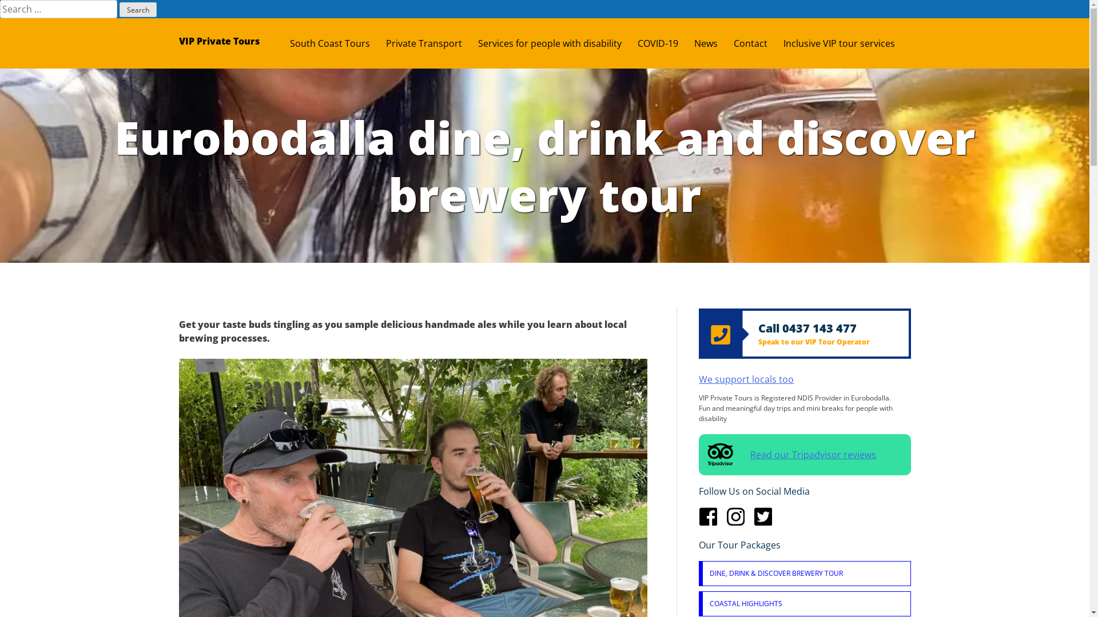  I want to click on 'Private Transport', so click(431, 43).